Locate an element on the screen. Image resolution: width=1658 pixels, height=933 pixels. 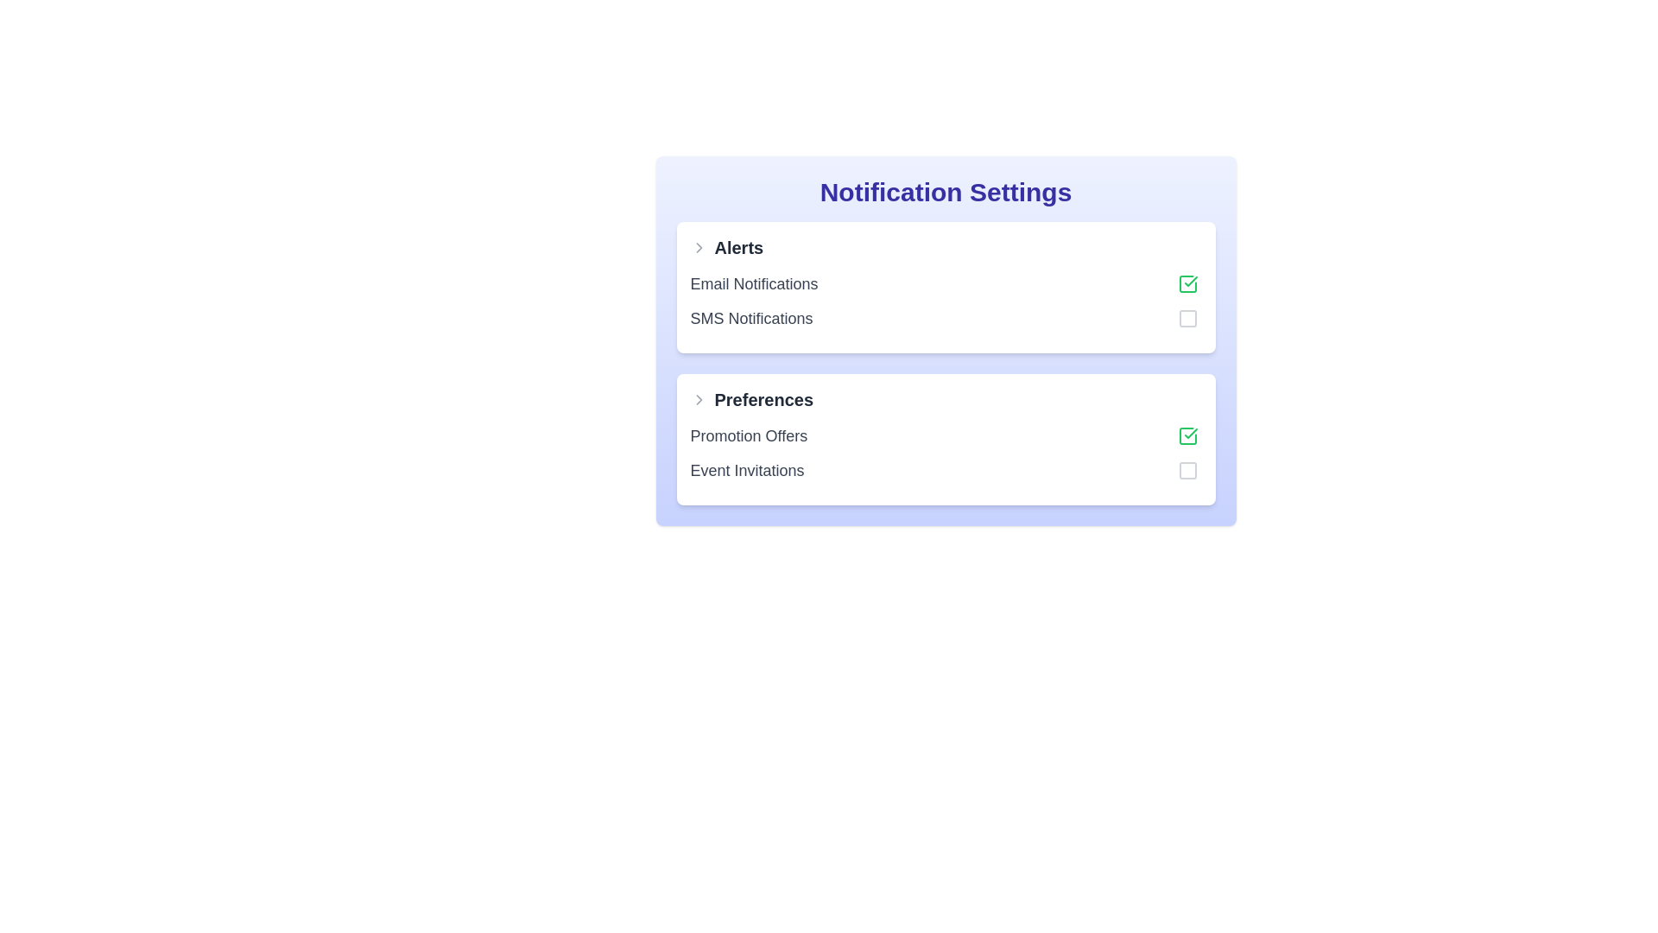
the checkbox with a green checkmark in the 'Preferences' section of the 'Notification Settings' card is located at coordinates (1187, 435).